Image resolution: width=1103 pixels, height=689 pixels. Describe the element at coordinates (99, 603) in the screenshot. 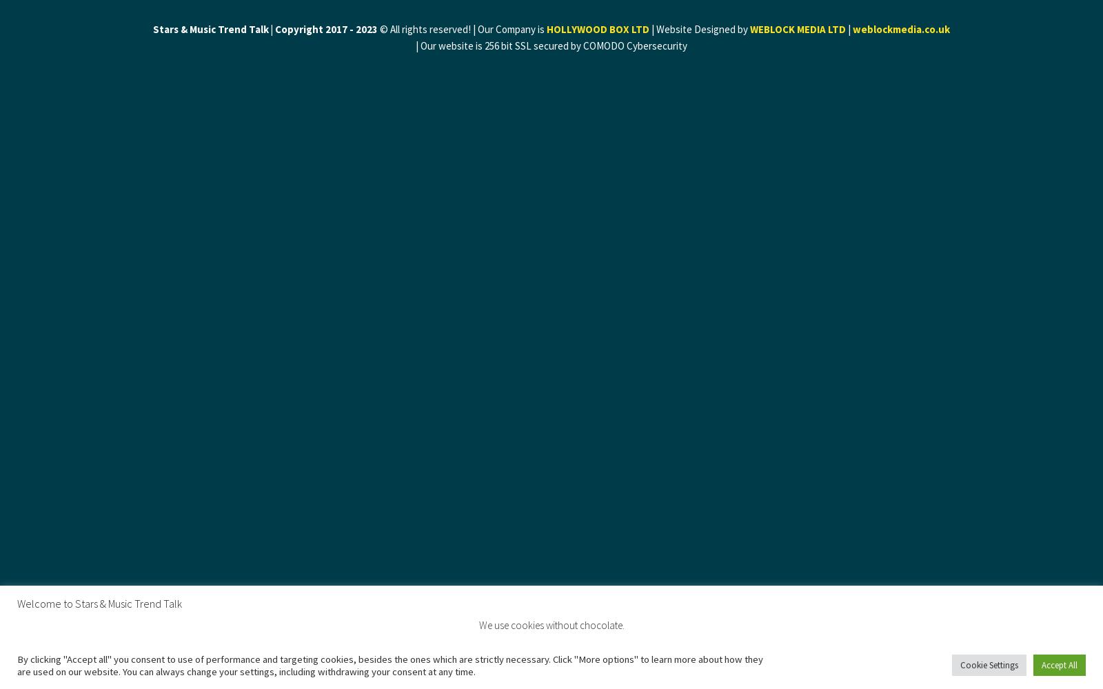

I see `'Welcome to Stars & Music Trend Talk'` at that location.